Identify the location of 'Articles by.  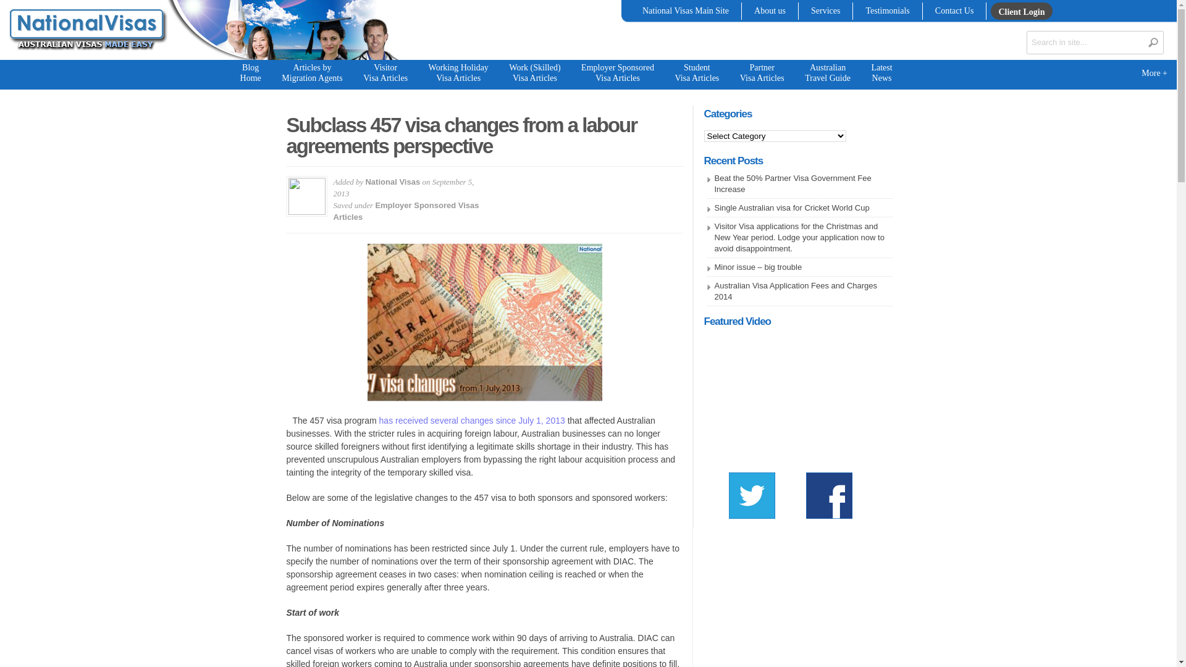
(311, 73).